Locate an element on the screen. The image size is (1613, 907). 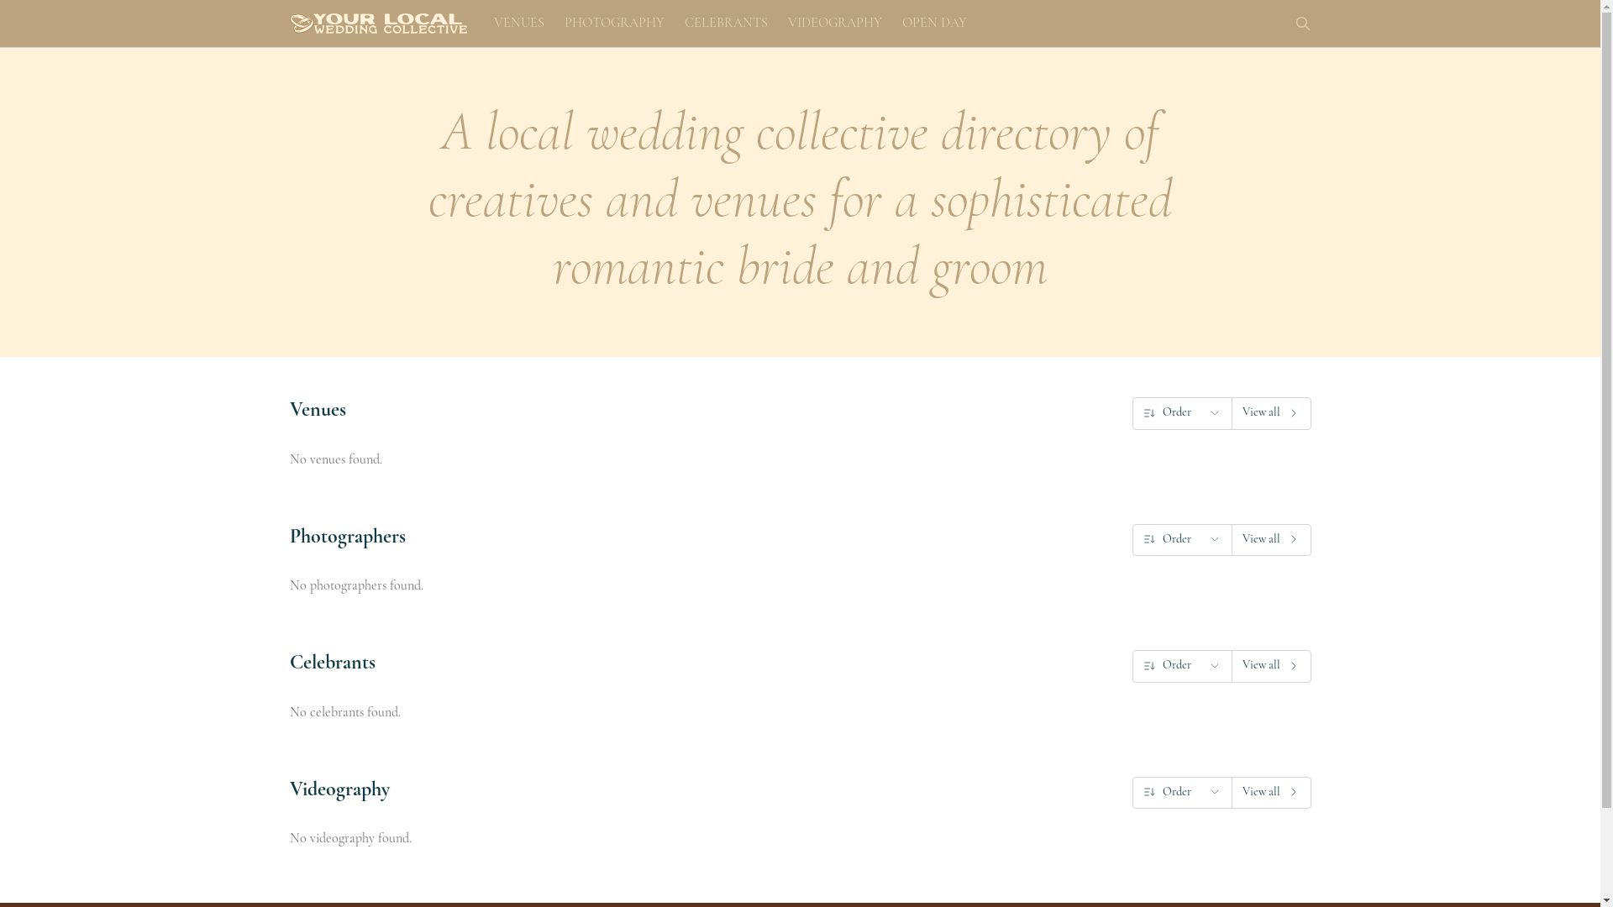
'VIDEOGRAPHY' is located at coordinates (784, 23).